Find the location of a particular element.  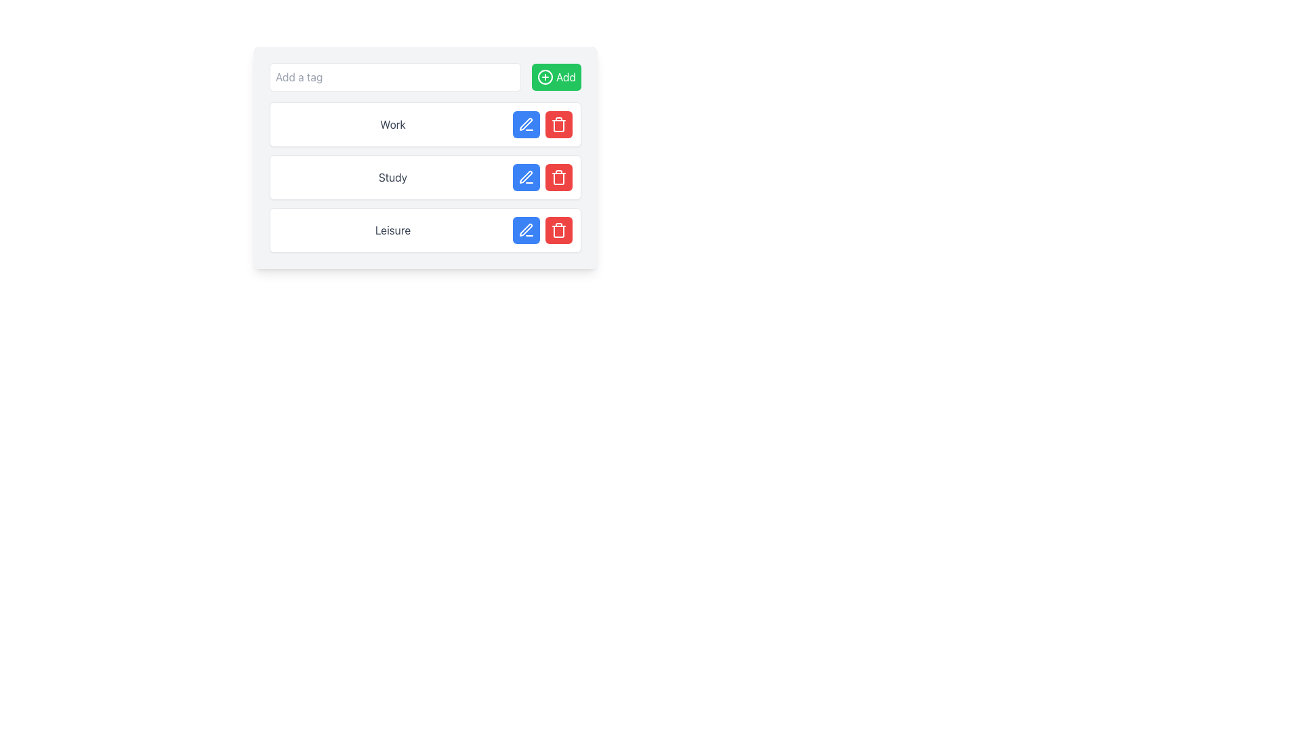

the edit icon adjacent to the text 'Study' is located at coordinates (525, 176).